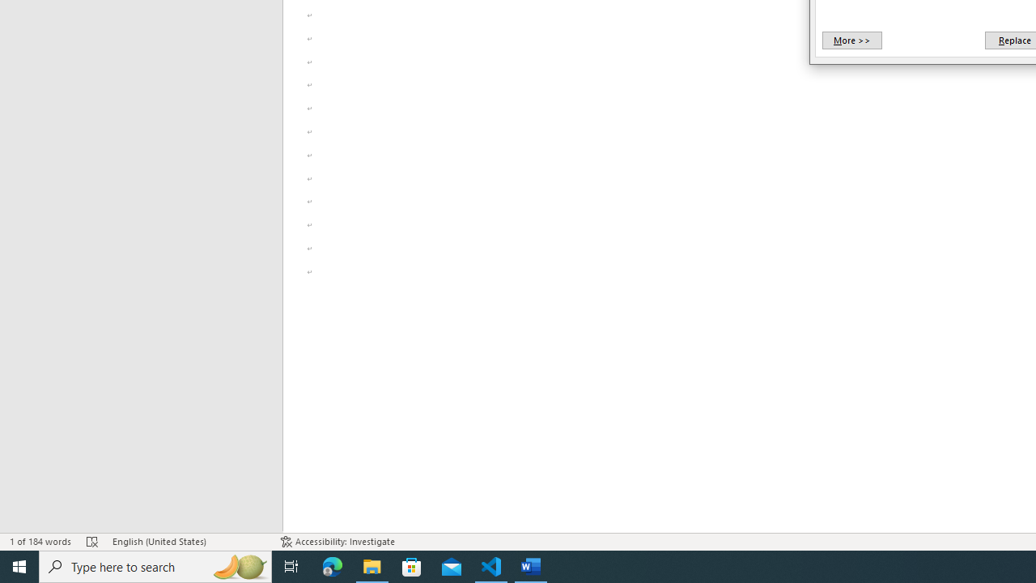 The image size is (1036, 583). What do you see at coordinates (332, 565) in the screenshot?
I see `'Microsoft Edge'` at bounding box center [332, 565].